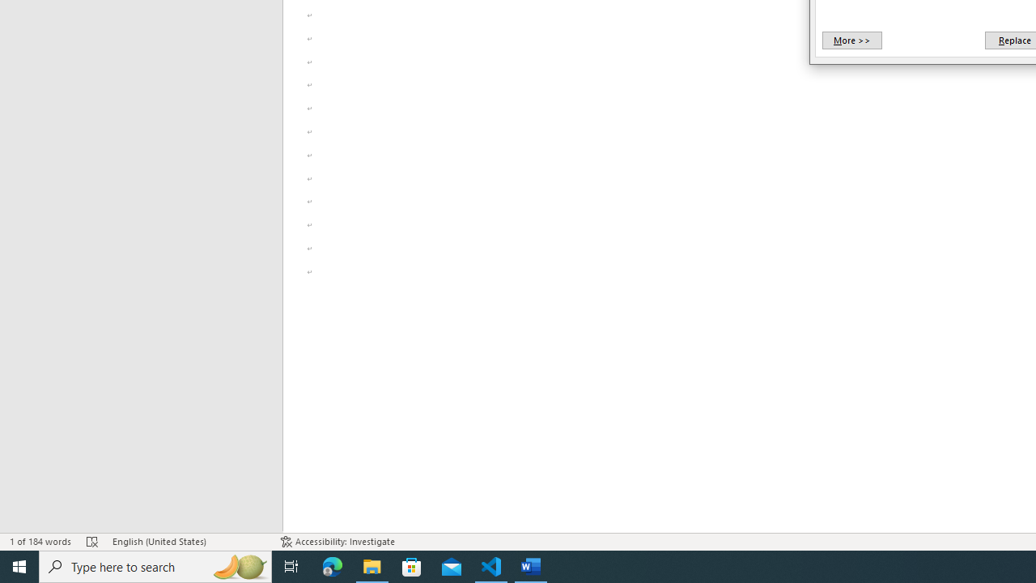 The image size is (1036, 583). What do you see at coordinates (332, 565) in the screenshot?
I see `'Microsoft Edge'` at bounding box center [332, 565].